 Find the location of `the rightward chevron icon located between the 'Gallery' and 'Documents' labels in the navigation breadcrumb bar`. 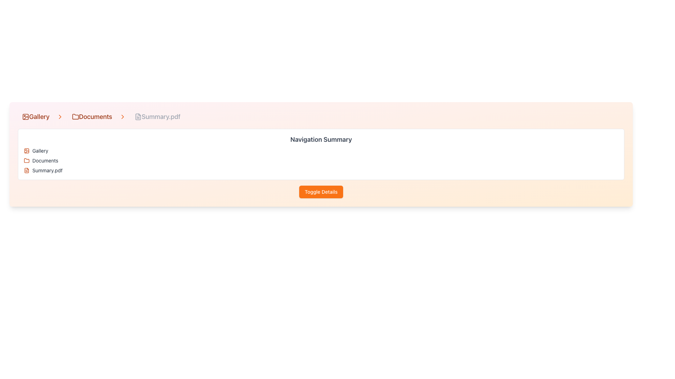

the rightward chevron icon located between the 'Gallery' and 'Documents' labels in the navigation breadcrumb bar is located at coordinates (60, 116).